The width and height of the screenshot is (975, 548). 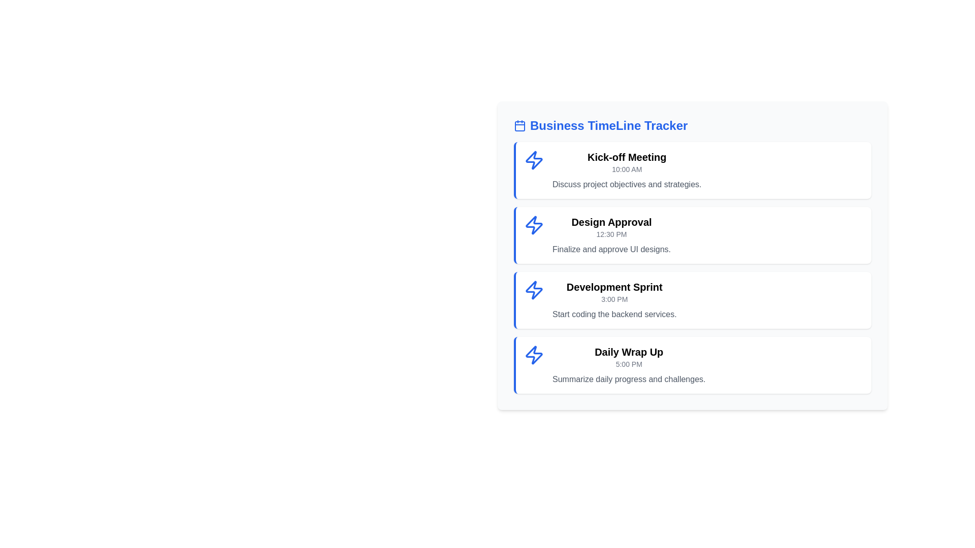 I want to click on the text label 'Design Approval' which is displayed in a bold and enlarged font style, indicating its significance as a heading within the timeline section, so click(x=611, y=222).